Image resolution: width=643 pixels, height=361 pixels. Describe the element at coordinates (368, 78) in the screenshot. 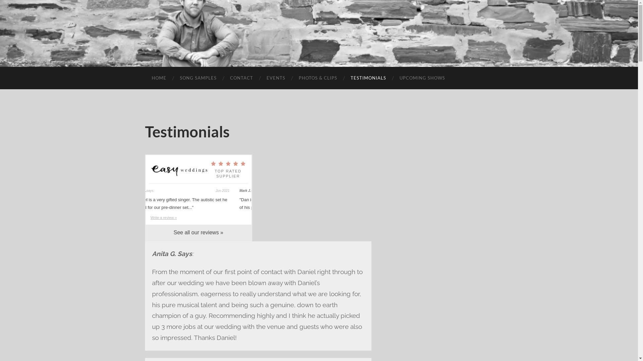

I see `'TESTIMONIALS'` at that location.